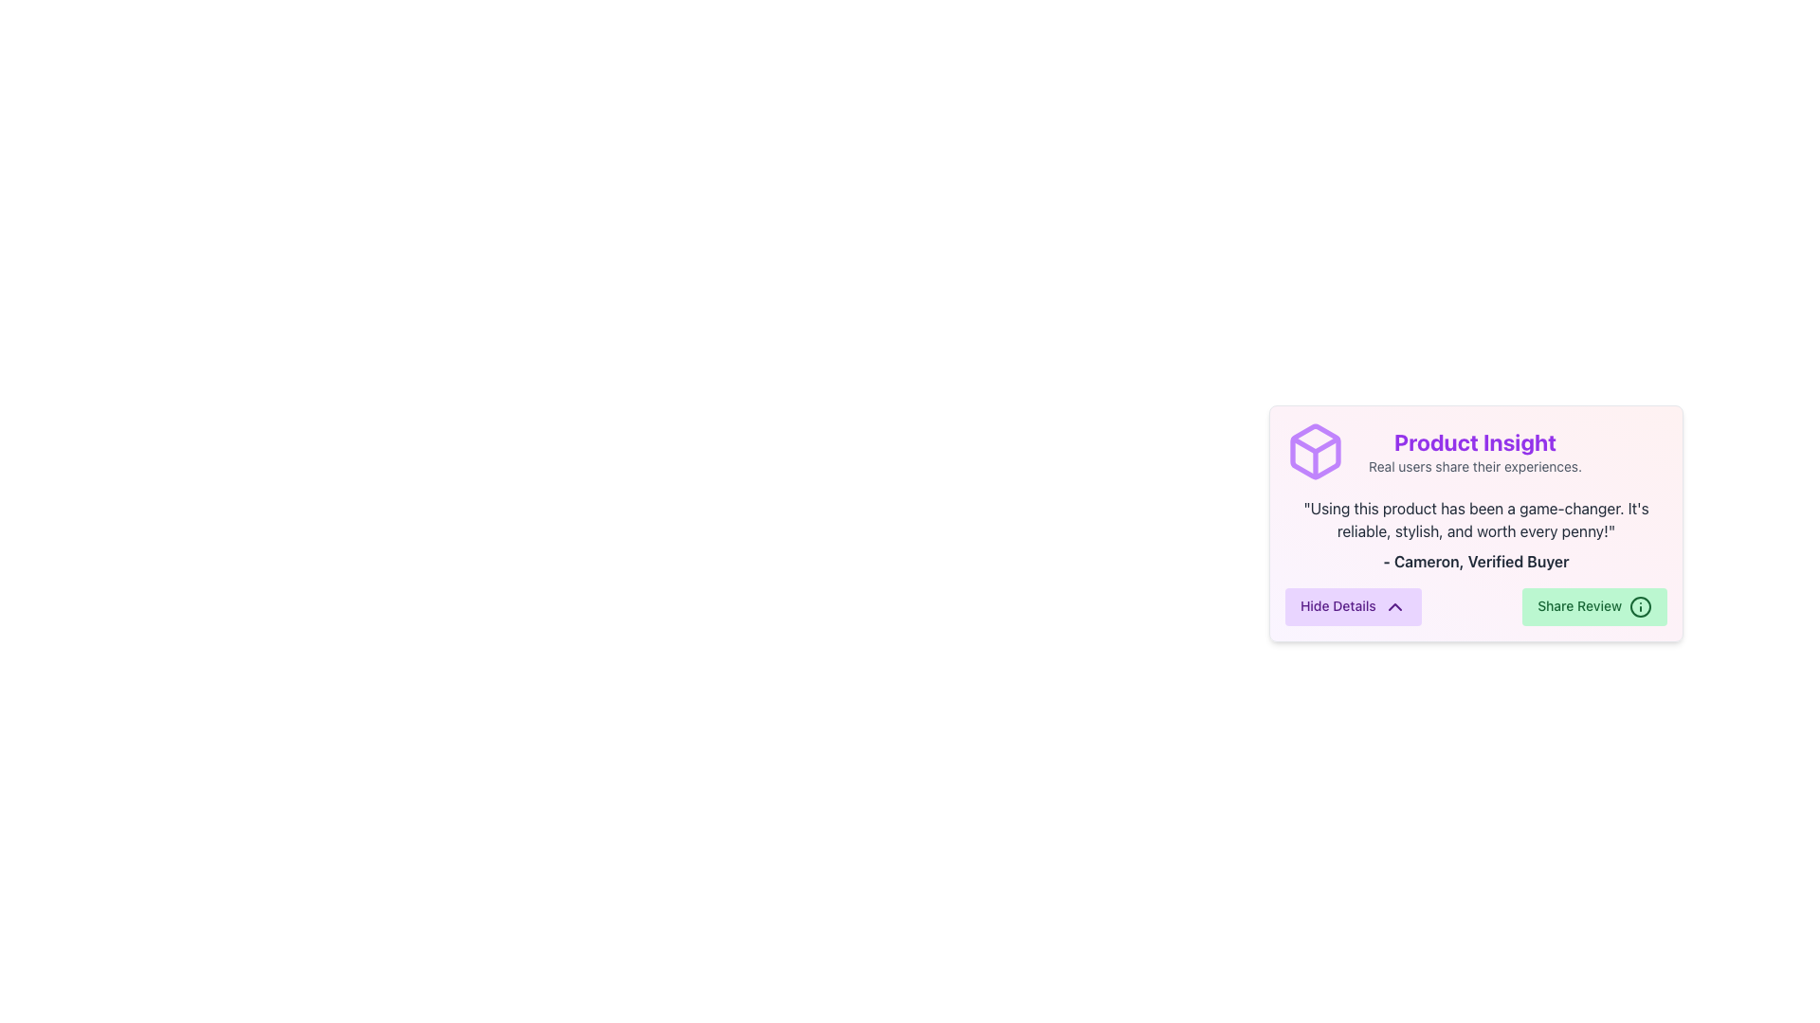 The image size is (1820, 1023). I want to click on the static text label attributing the testimonial statement to Cameron, a verified purchaser, located at the bottom of the 'Product Insight' card, so click(1475, 561).